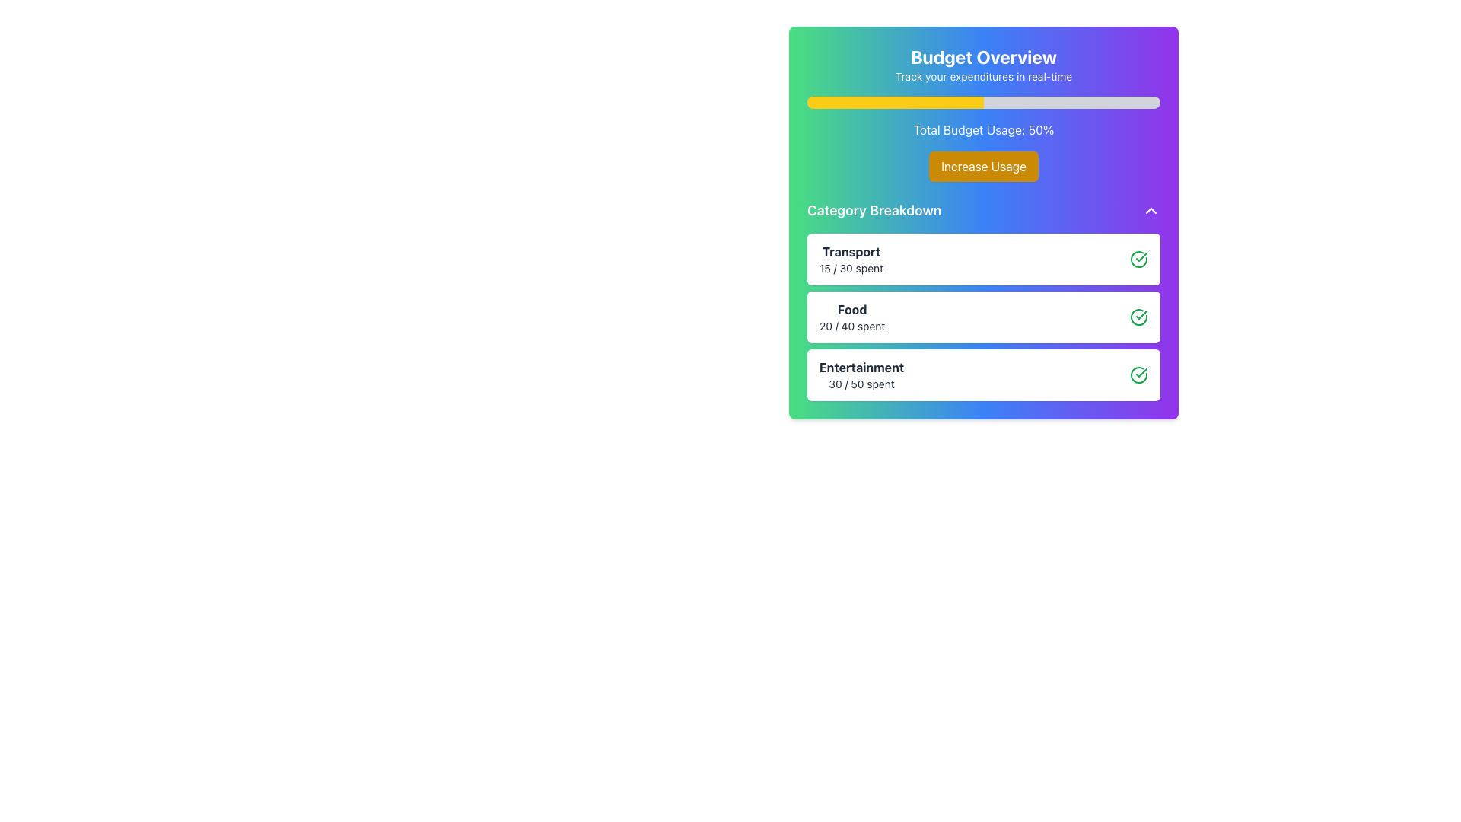 Image resolution: width=1461 pixels, height=822 pixels. What do you see at coordinates (1141, 314) in the screenshot?
I see `the Checkmark icon located on the right-hand side of the 'Transport' line item in the 'Category Breakdown' section to indicate completion or confirmation` at bounding box center [1141, 314].